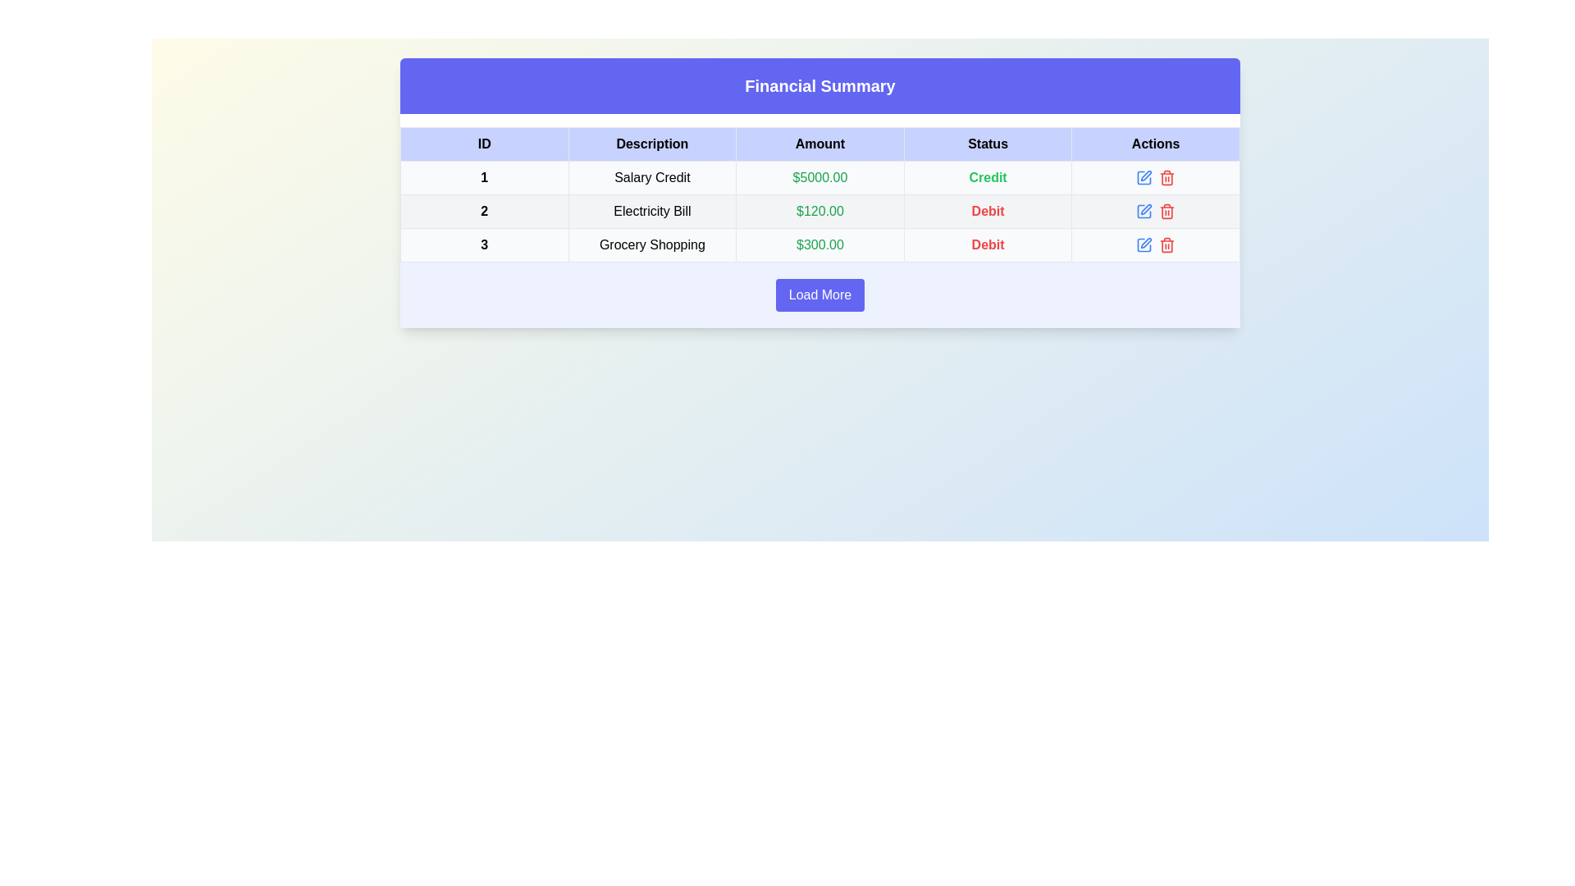  Describe the element at coordinates (819, 144) in the screenshot. I see `the third table header that labels the column containing monetary amounts, located between the 'Description' and 'Status' headers` at that location.